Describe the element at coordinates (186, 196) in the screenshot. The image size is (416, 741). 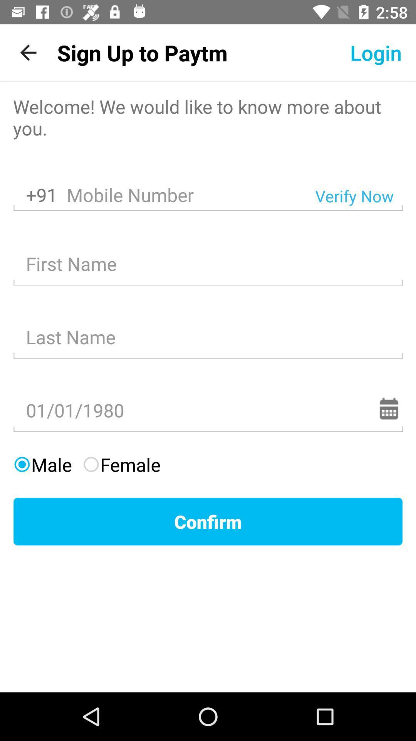
I see `item to the left of the verify now  item` at that location.